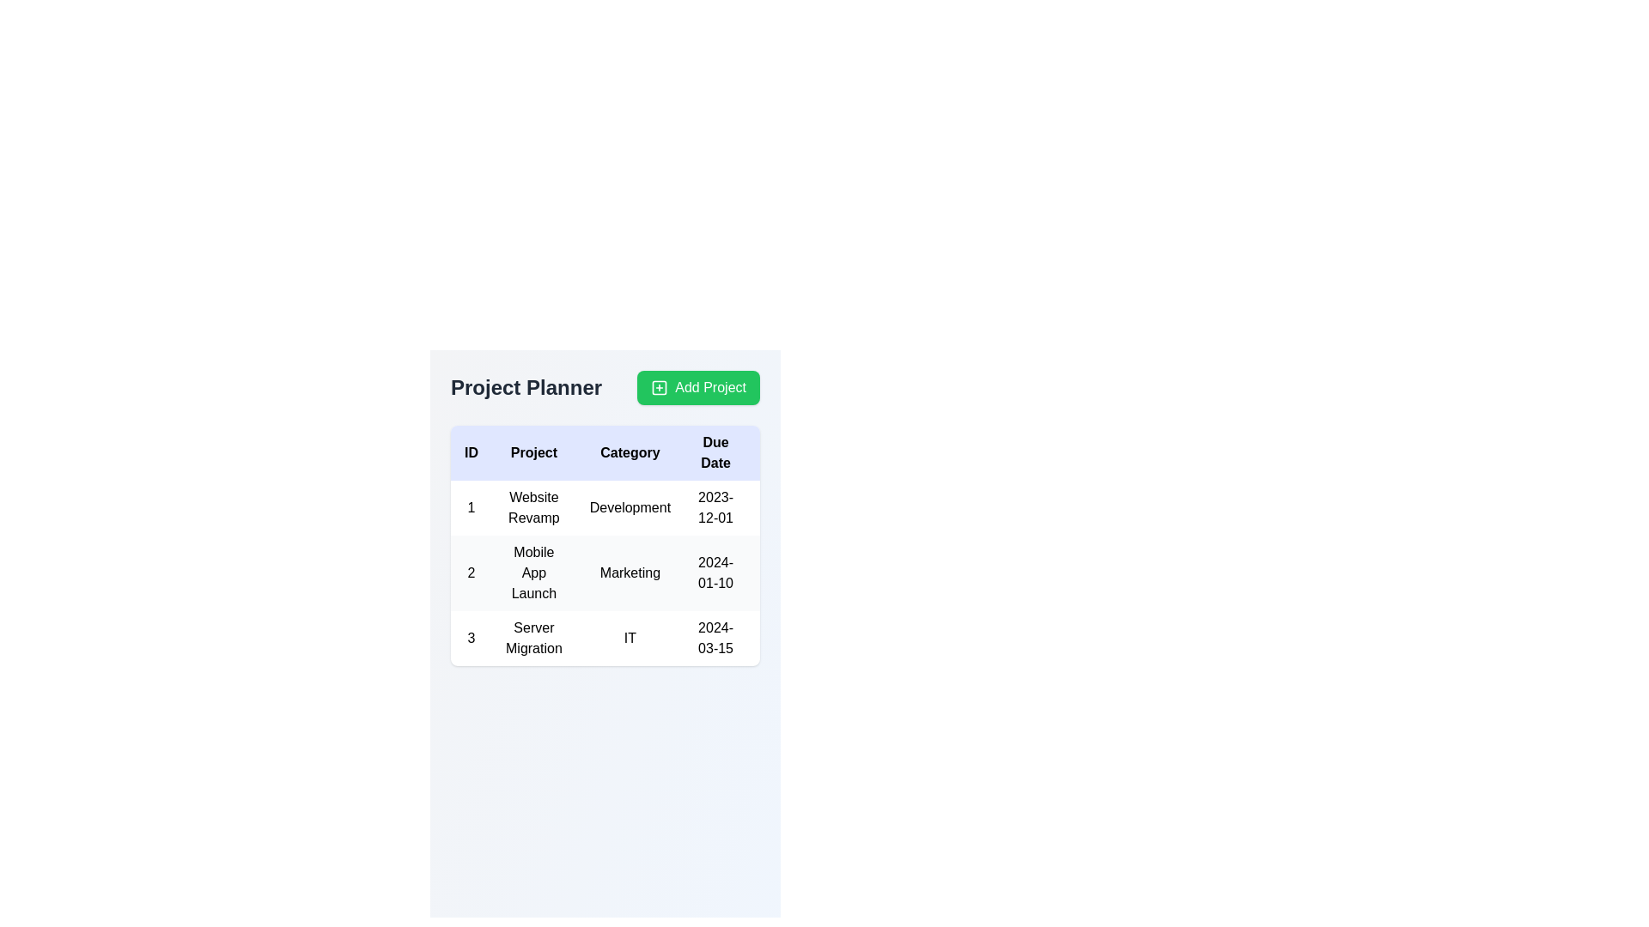 This screenshot has height=927, width=1649. What do you see at coordinates (715, 452) in the screenshot?
I see `the 'Due Date' table header cell, which is the fourth column in the 'Project Planner' table, displayed in a bold font on a light blue background` at bounding box center [715, 452].